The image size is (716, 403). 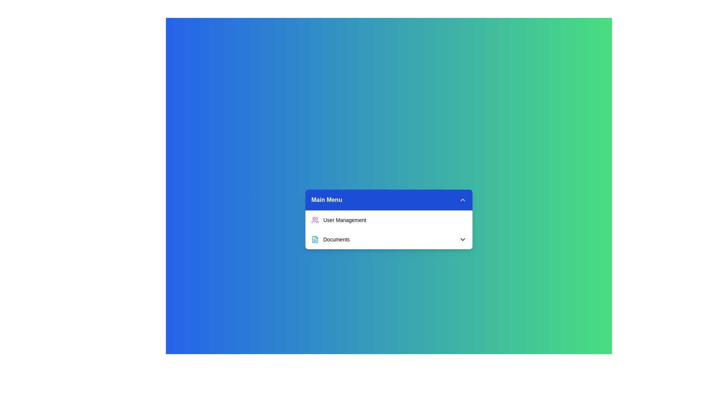 What do you see at coordinates (315, 220) in the screenshot?
I see `the 'User Management' icon located to the left of the 'User Management' text in the menu` at bounding box center [315, 220].